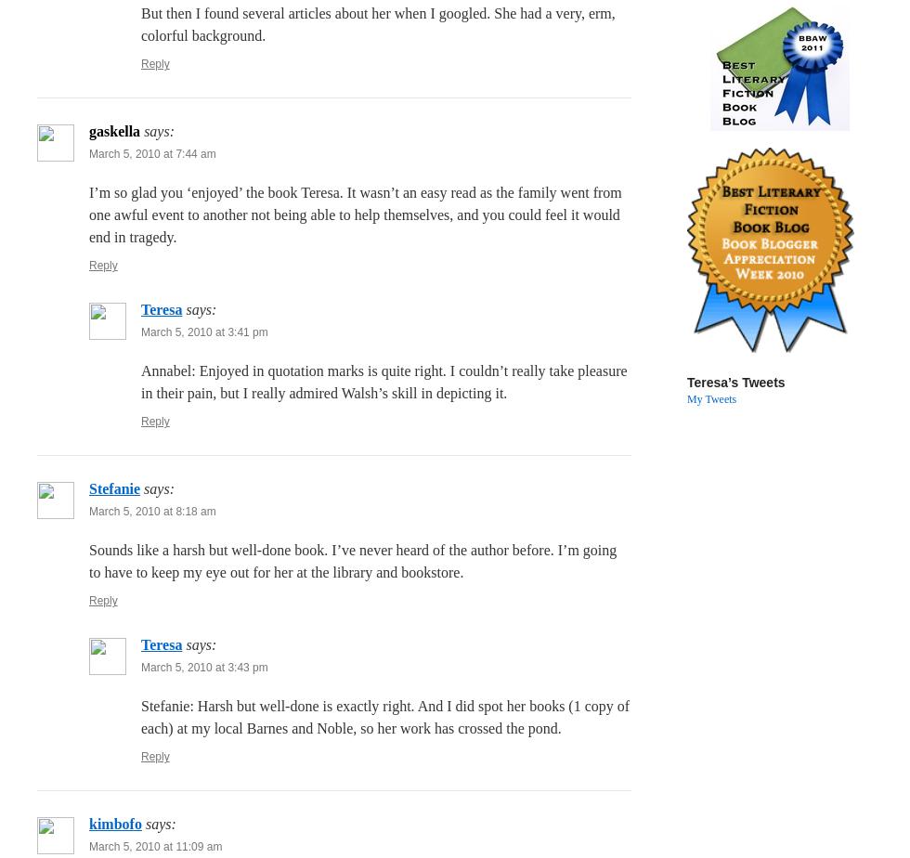 This screenshot has height=858, width=910. Describe the element at coordinates (204, 331) in the screenshot. I see `'March 5, 2010 at 3:41 pm'` at that location.